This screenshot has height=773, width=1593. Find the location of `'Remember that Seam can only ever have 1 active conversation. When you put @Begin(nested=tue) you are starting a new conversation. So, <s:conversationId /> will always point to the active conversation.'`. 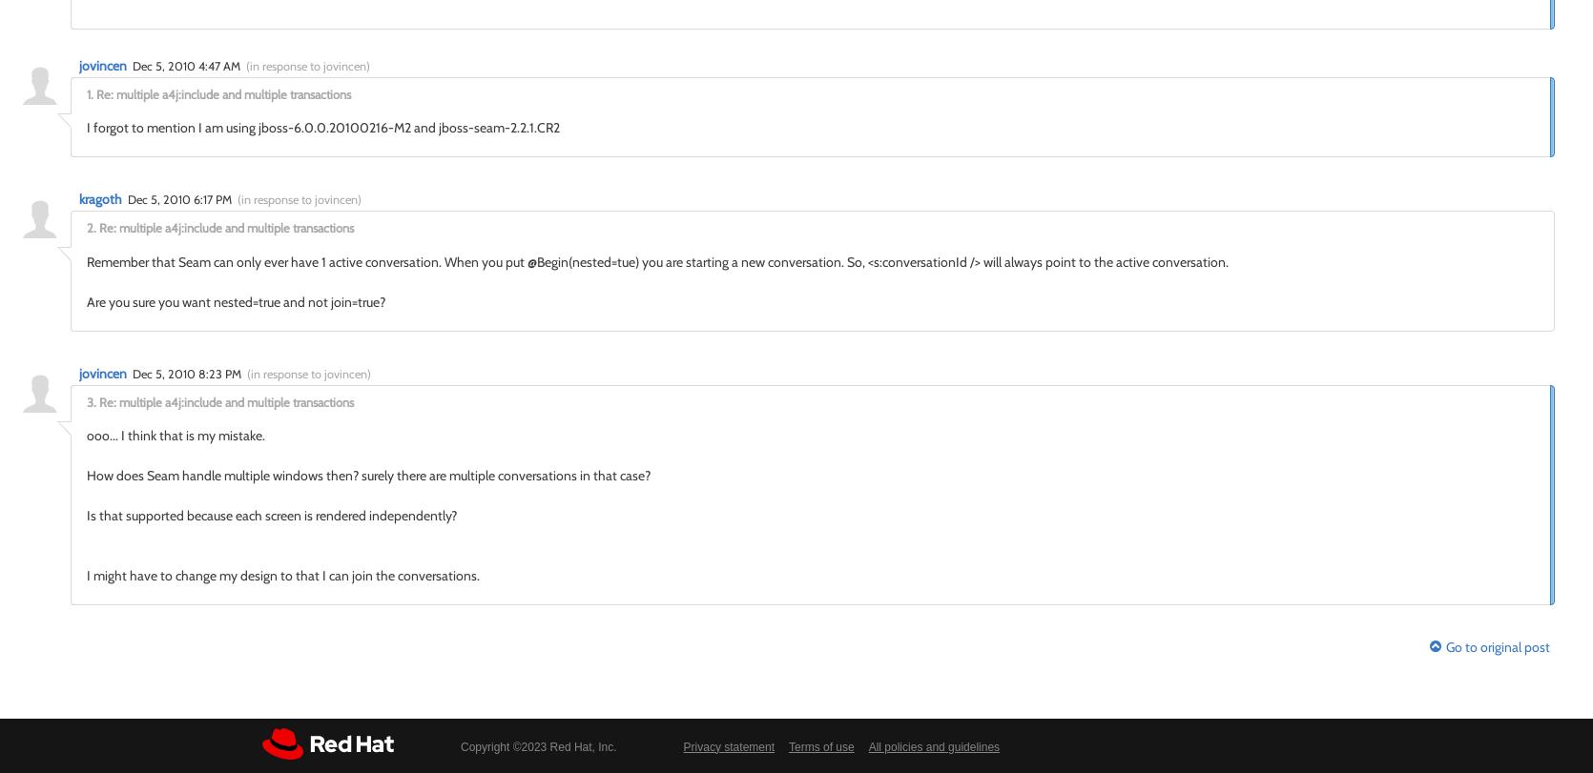

'Remember that Seam can only ever have 1 active conversation. When you put @Begin(nested=tue) you are starting a new conversation. So, <s:conversationId /> will always point to the active conversation.' is located at coordinates (657, 261).